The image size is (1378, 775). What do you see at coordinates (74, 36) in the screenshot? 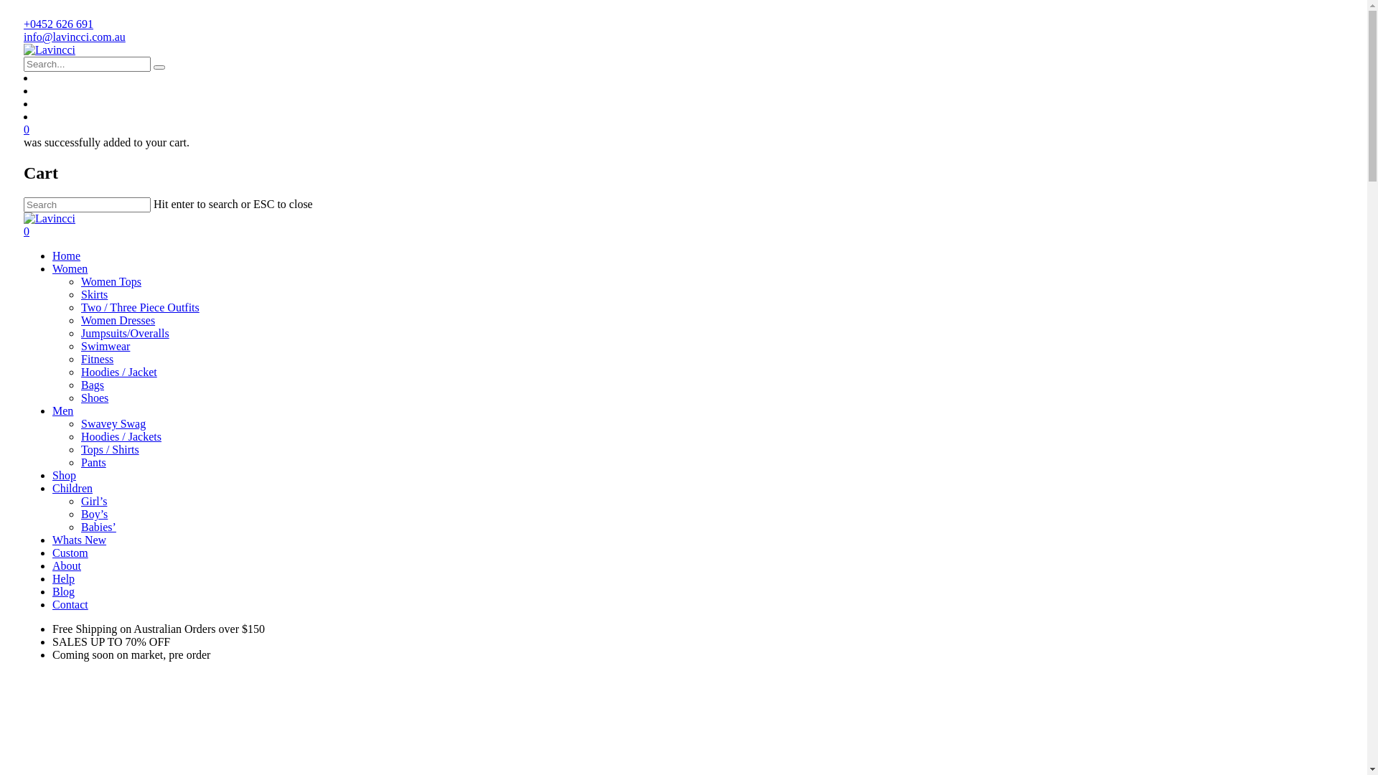
I see `'info@lavincci.com.au'` at bounding box center [74, 36].